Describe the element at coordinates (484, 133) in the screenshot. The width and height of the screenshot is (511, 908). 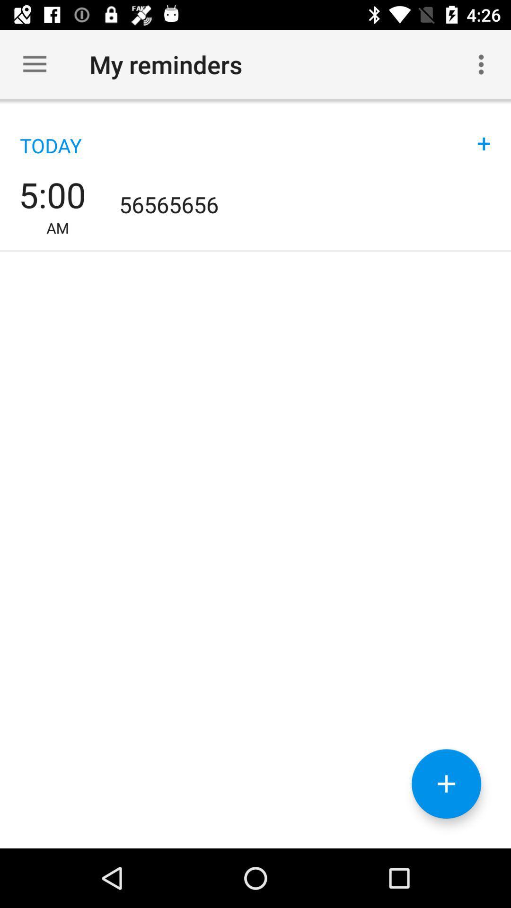
I see `item to the right of today` at that location.